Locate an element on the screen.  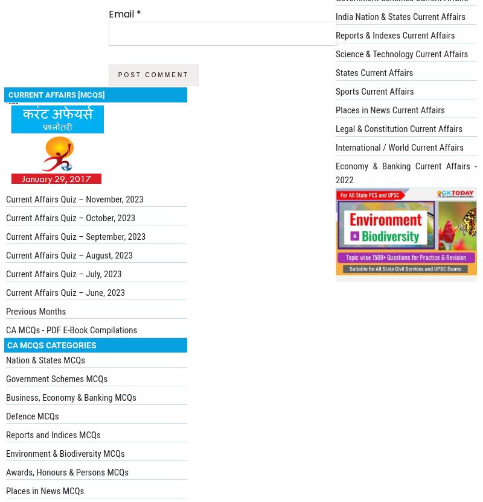
'Places in News Current Affairs' is located at coordinates (389, 110).